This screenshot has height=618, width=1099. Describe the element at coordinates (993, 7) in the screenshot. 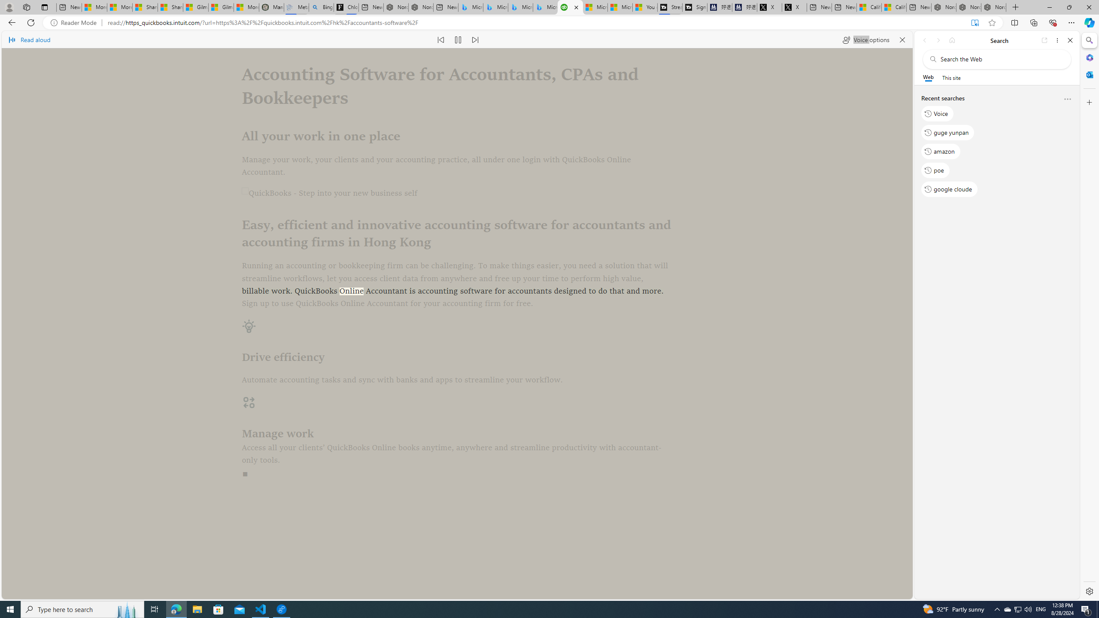

I see `'Nordace - Siena Pro 15 Essential Set'` at that location.